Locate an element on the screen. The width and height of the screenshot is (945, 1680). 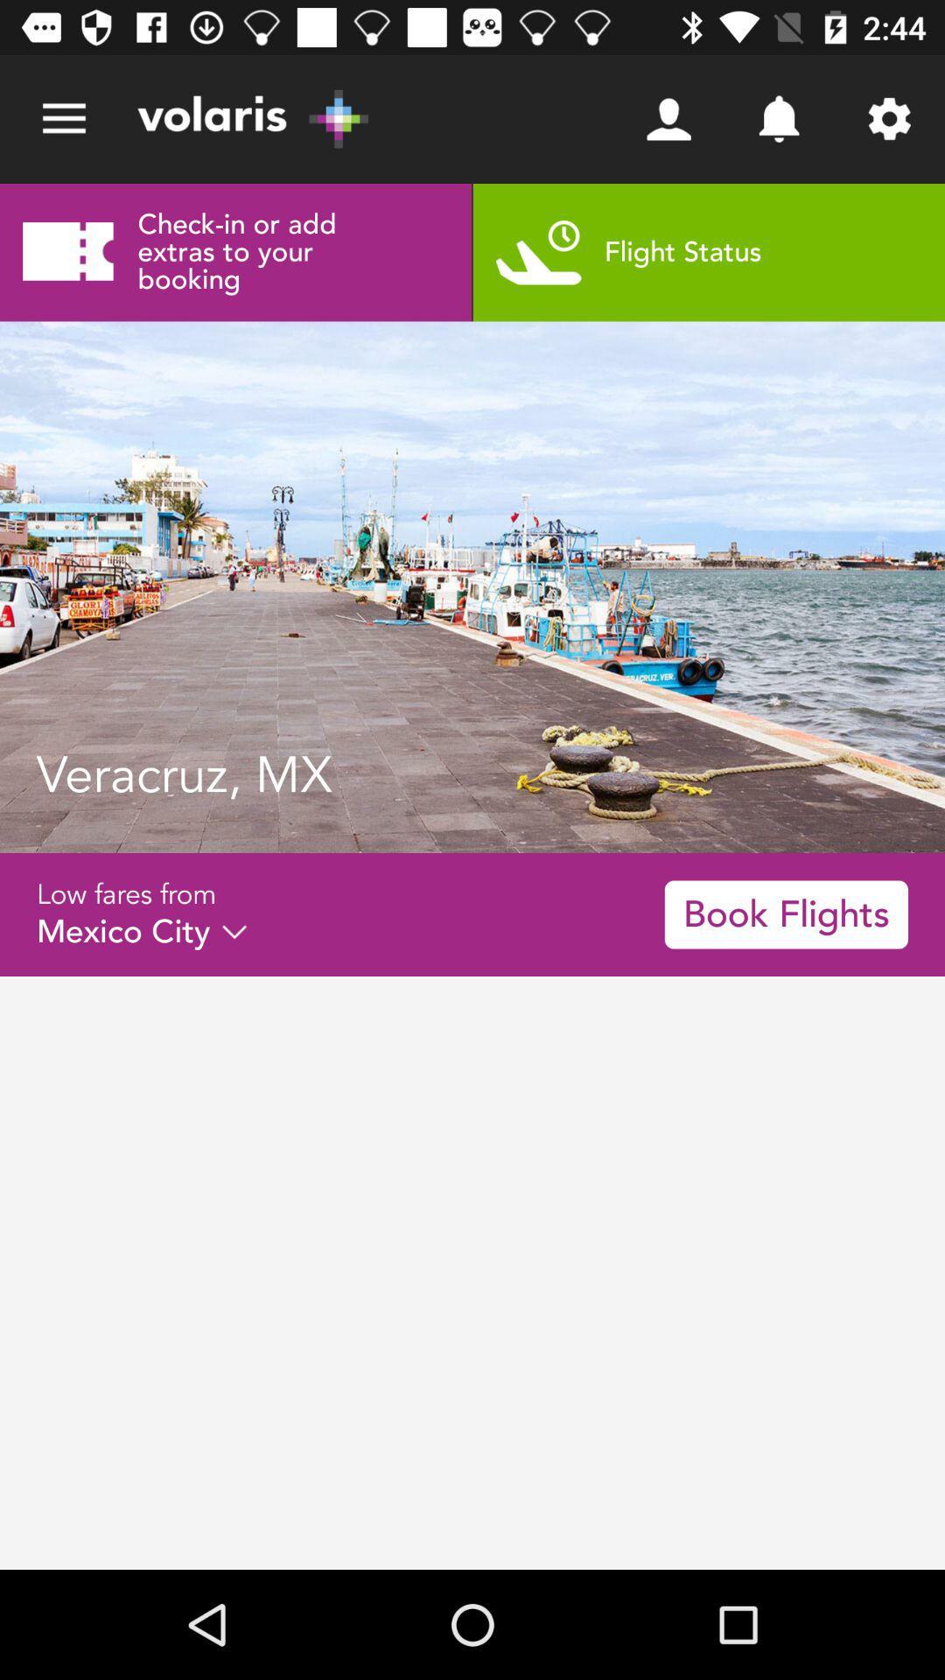
the icon which is at the left side of the text flight status is located at coordinates (538, 251).